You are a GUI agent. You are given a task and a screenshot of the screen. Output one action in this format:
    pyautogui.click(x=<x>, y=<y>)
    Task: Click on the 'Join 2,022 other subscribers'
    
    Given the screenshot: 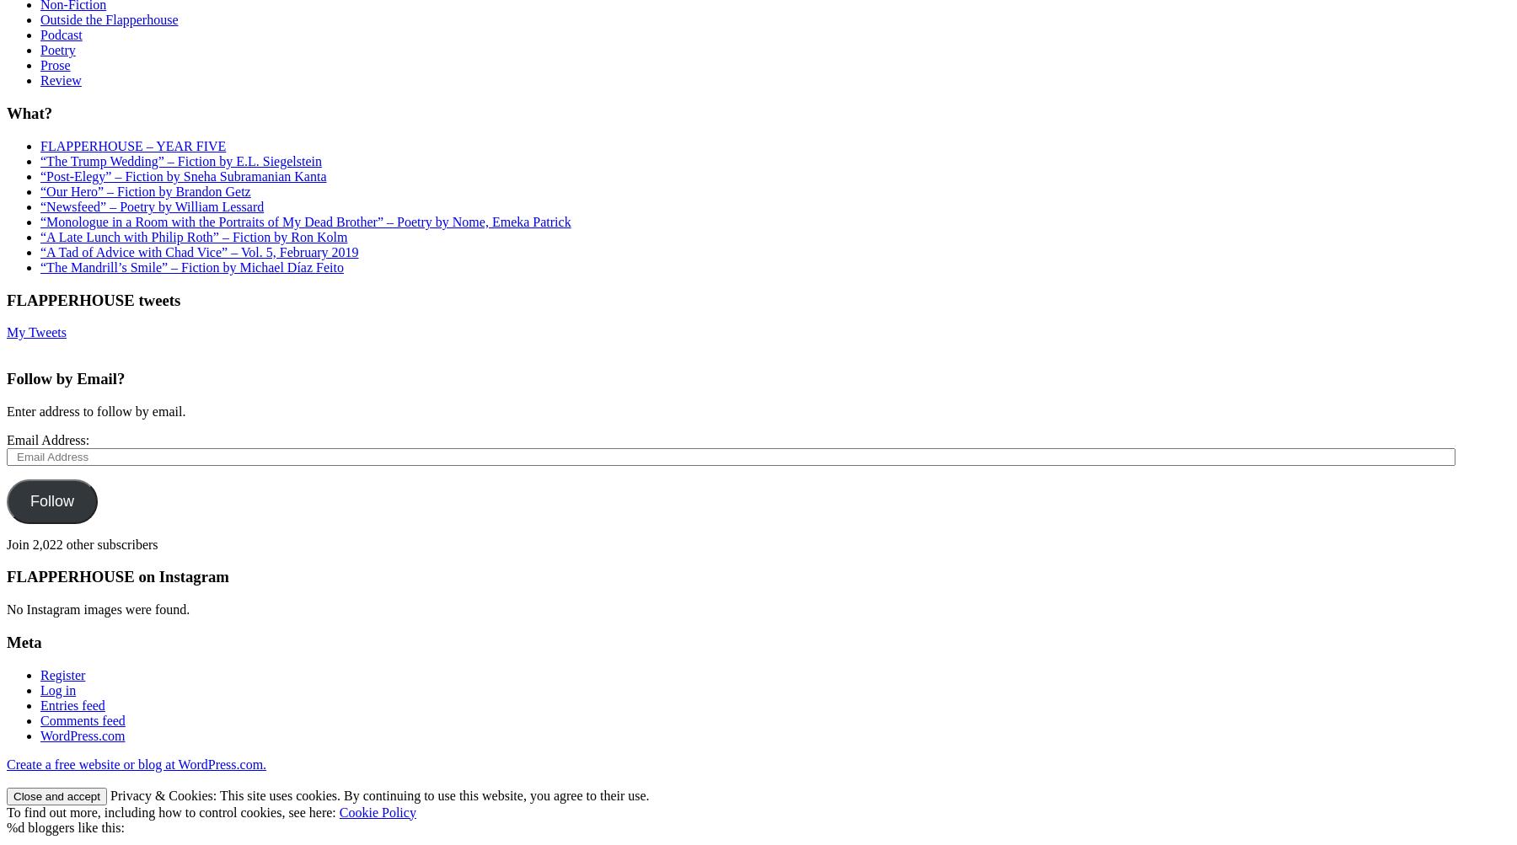 What is the action you would take?
    pyautogui.click(x=81, y=543)
    